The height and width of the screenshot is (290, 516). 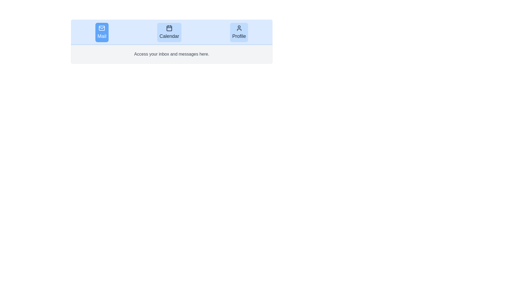 I want to click on the Calendar tab to inspect its layout and styling, so click(x=169, y=32).